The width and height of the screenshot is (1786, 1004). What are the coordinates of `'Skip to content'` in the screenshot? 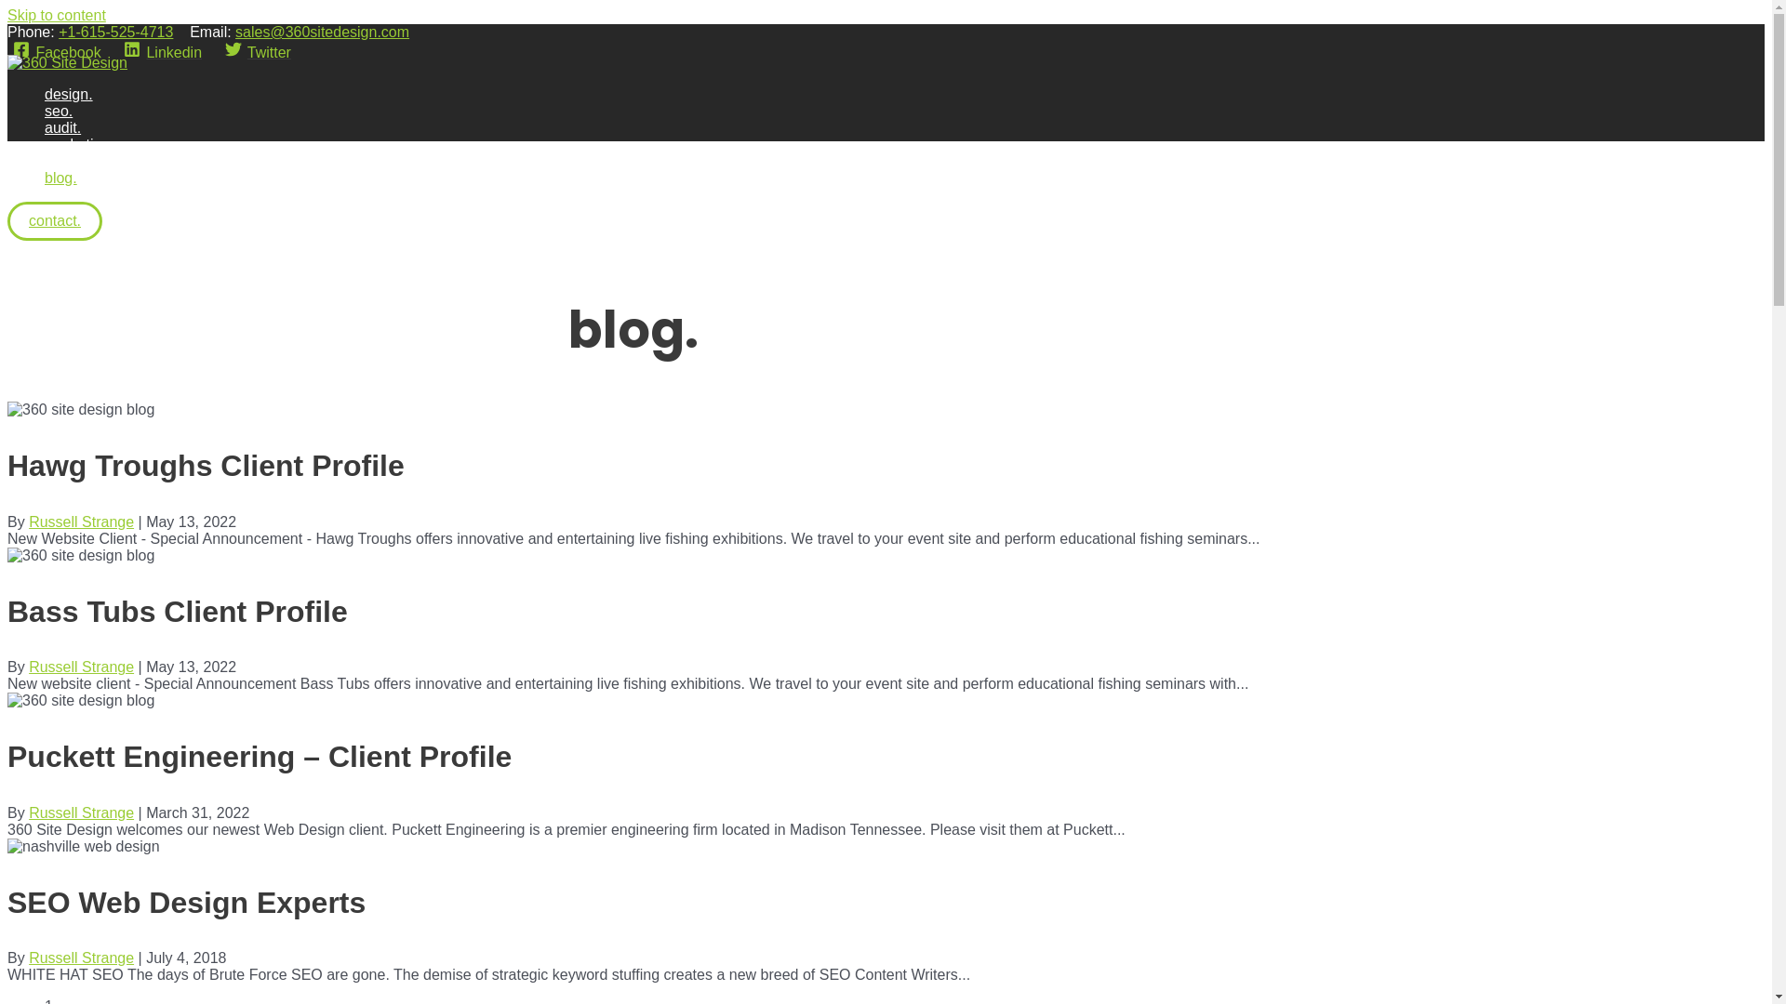 It's located at (7, 15).